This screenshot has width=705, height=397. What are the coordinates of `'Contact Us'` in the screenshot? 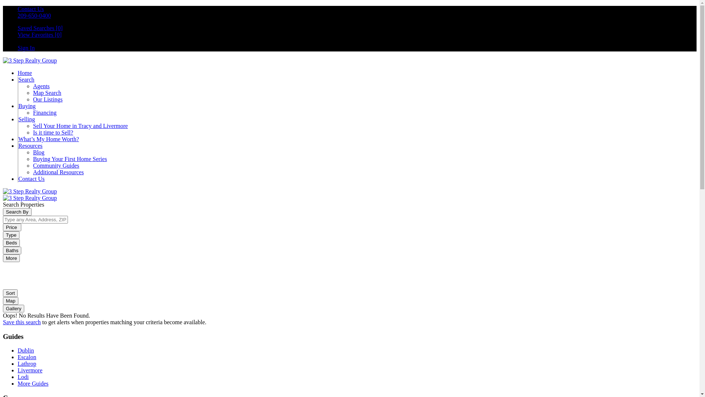 It's located at (30, 9).